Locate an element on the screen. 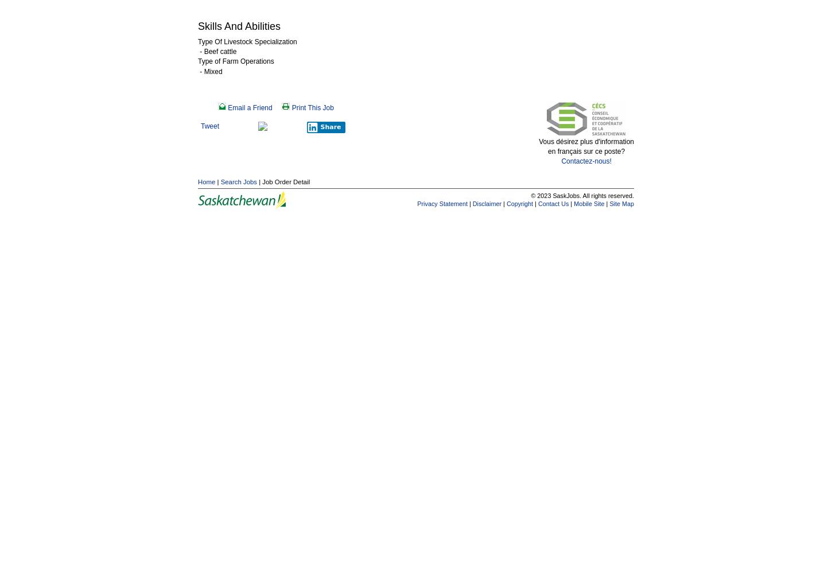 This screenshot has height=574, width=832. 'Contact Us' is located at coordinates (536, 203).